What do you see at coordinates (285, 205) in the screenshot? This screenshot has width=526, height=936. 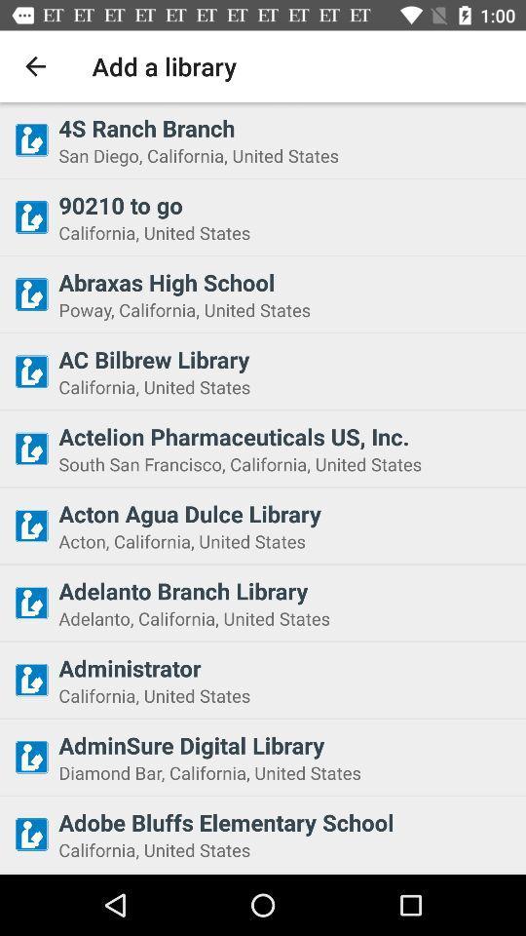 I see `the item above california, united states` at bounding box center [285, 205].